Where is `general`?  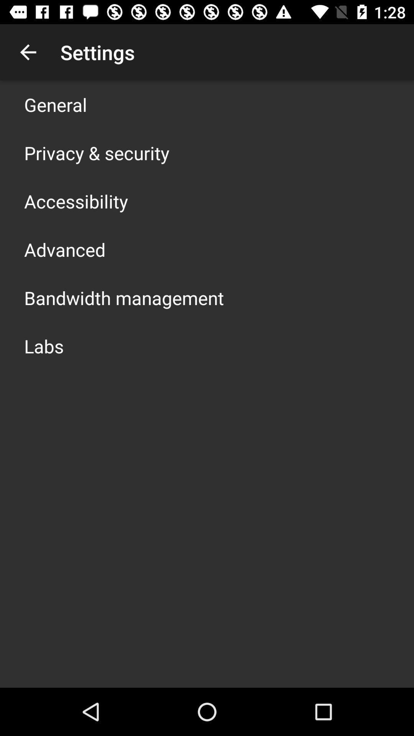
general is located at coordinates (55, 104).